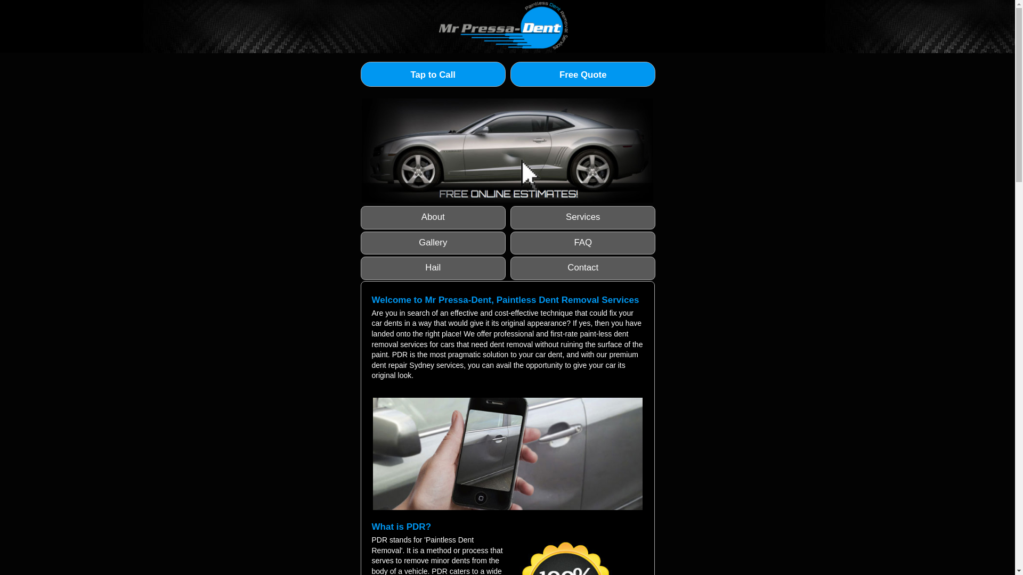 The height and width of the screenshot is (575, 1023). Describe the element at coordinates (582, 243) in the screenshot. I see `'FAQ'` at that location.